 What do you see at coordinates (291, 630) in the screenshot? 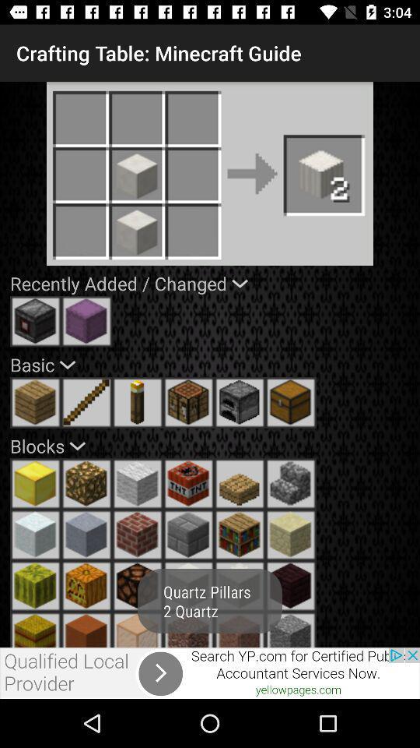
I see `the block` at bounding box center [291, 630].